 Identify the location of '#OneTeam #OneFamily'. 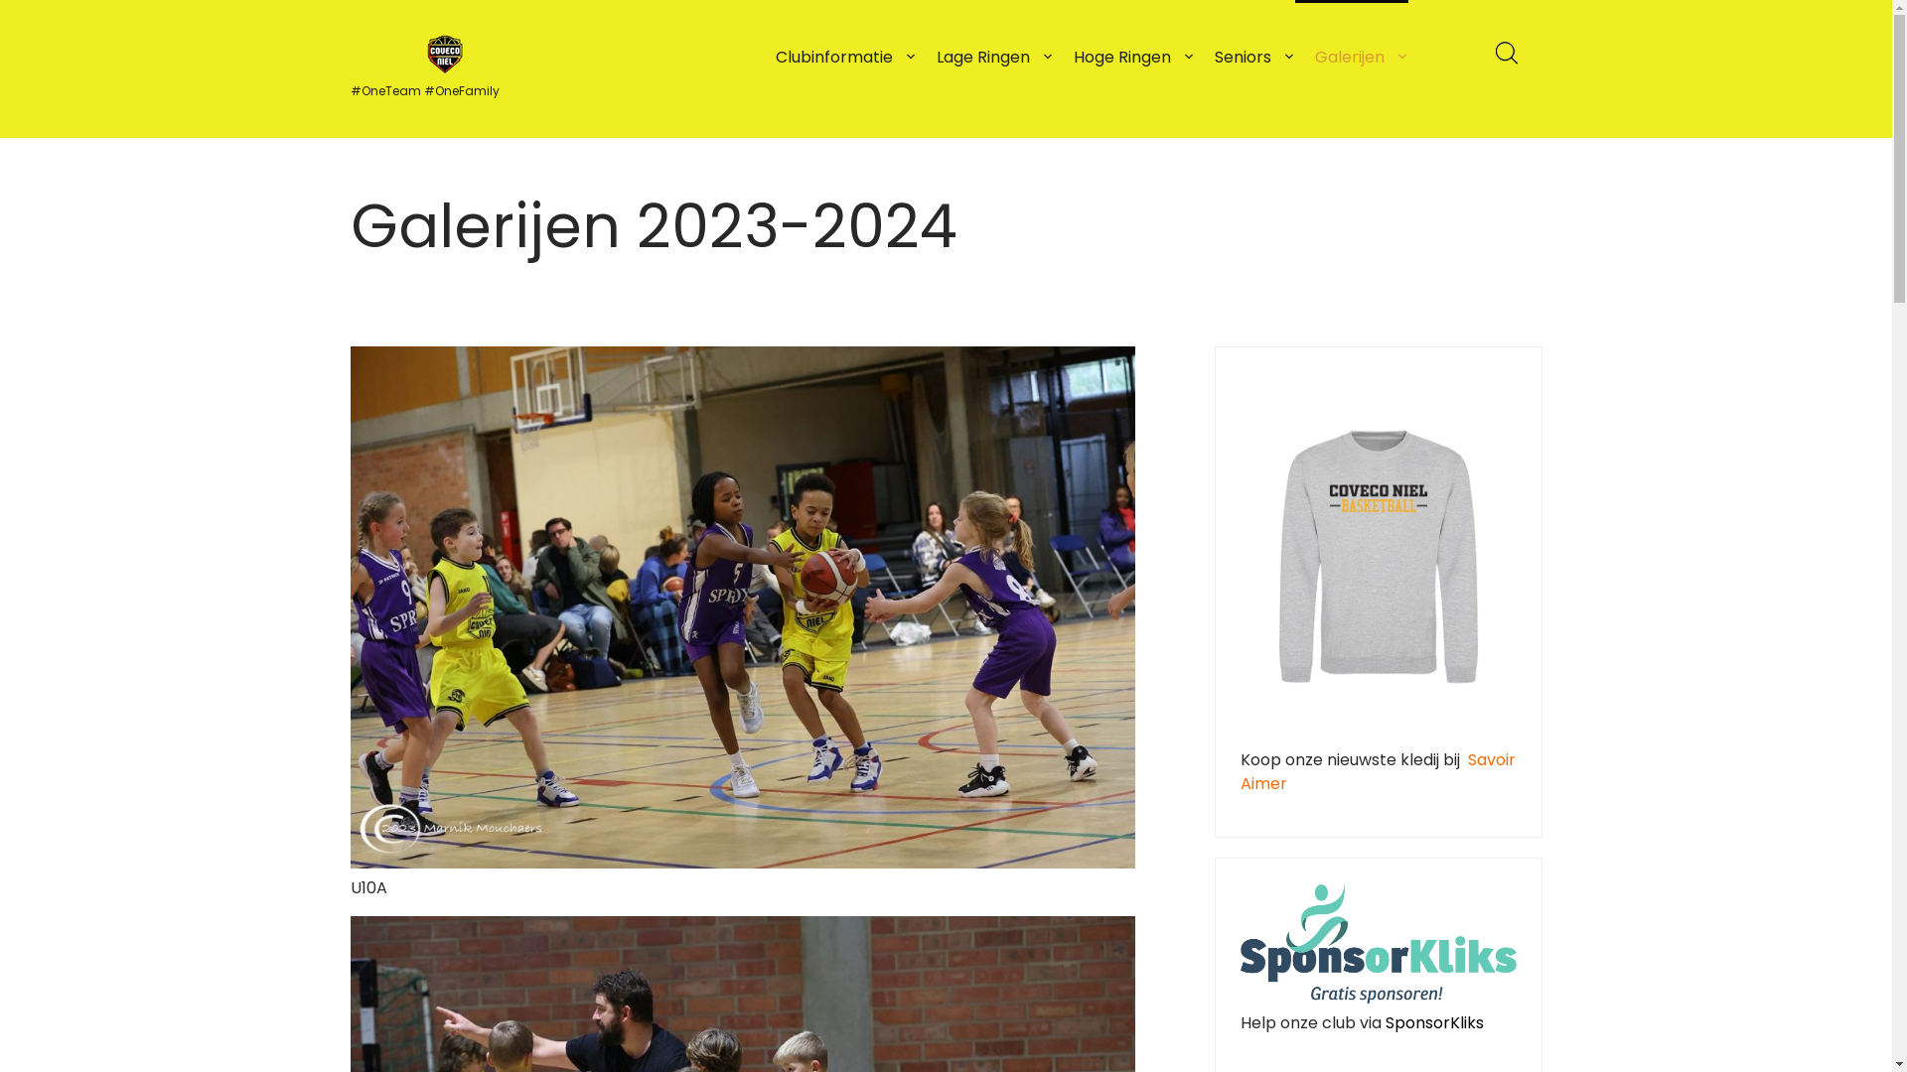
(349, 87).